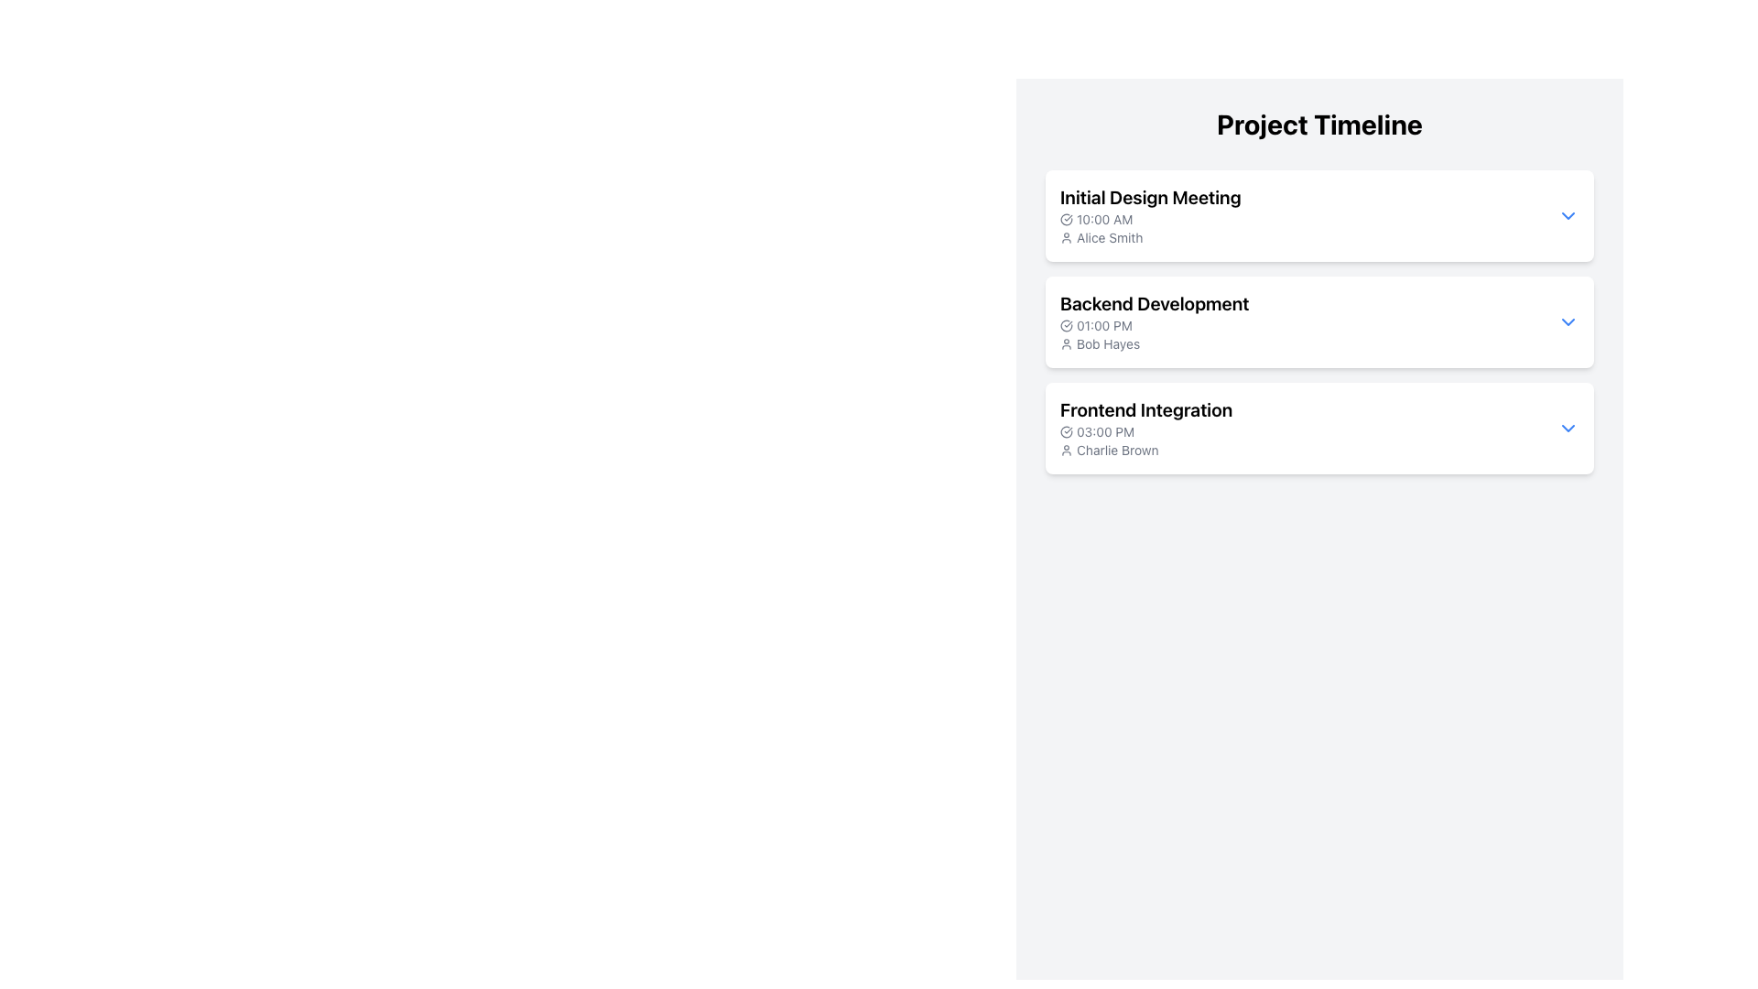 The width and height of the screenshot is (1758, 989). I want to click on the identifying icon for user 'Bob Hayes', which is located to the left of the name text, so click(1067, 343).